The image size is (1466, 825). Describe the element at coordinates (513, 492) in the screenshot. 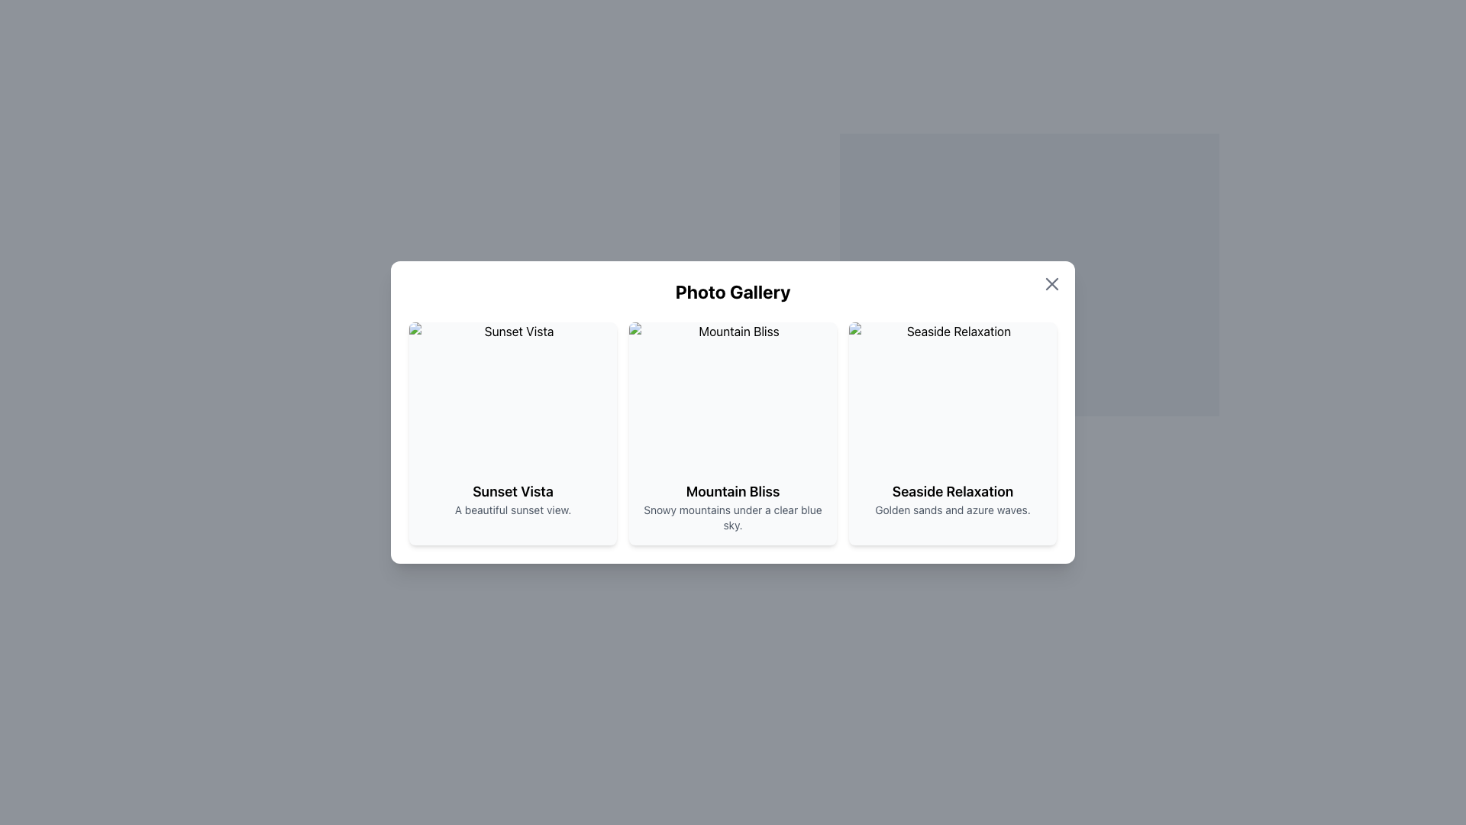

I see `the 'Sunset Vista' text element, which is bold and centered in the leftmost card of the 'Photo Gallery' panel, positioned above the description text 'A beautiful sunset view.'` at that location.